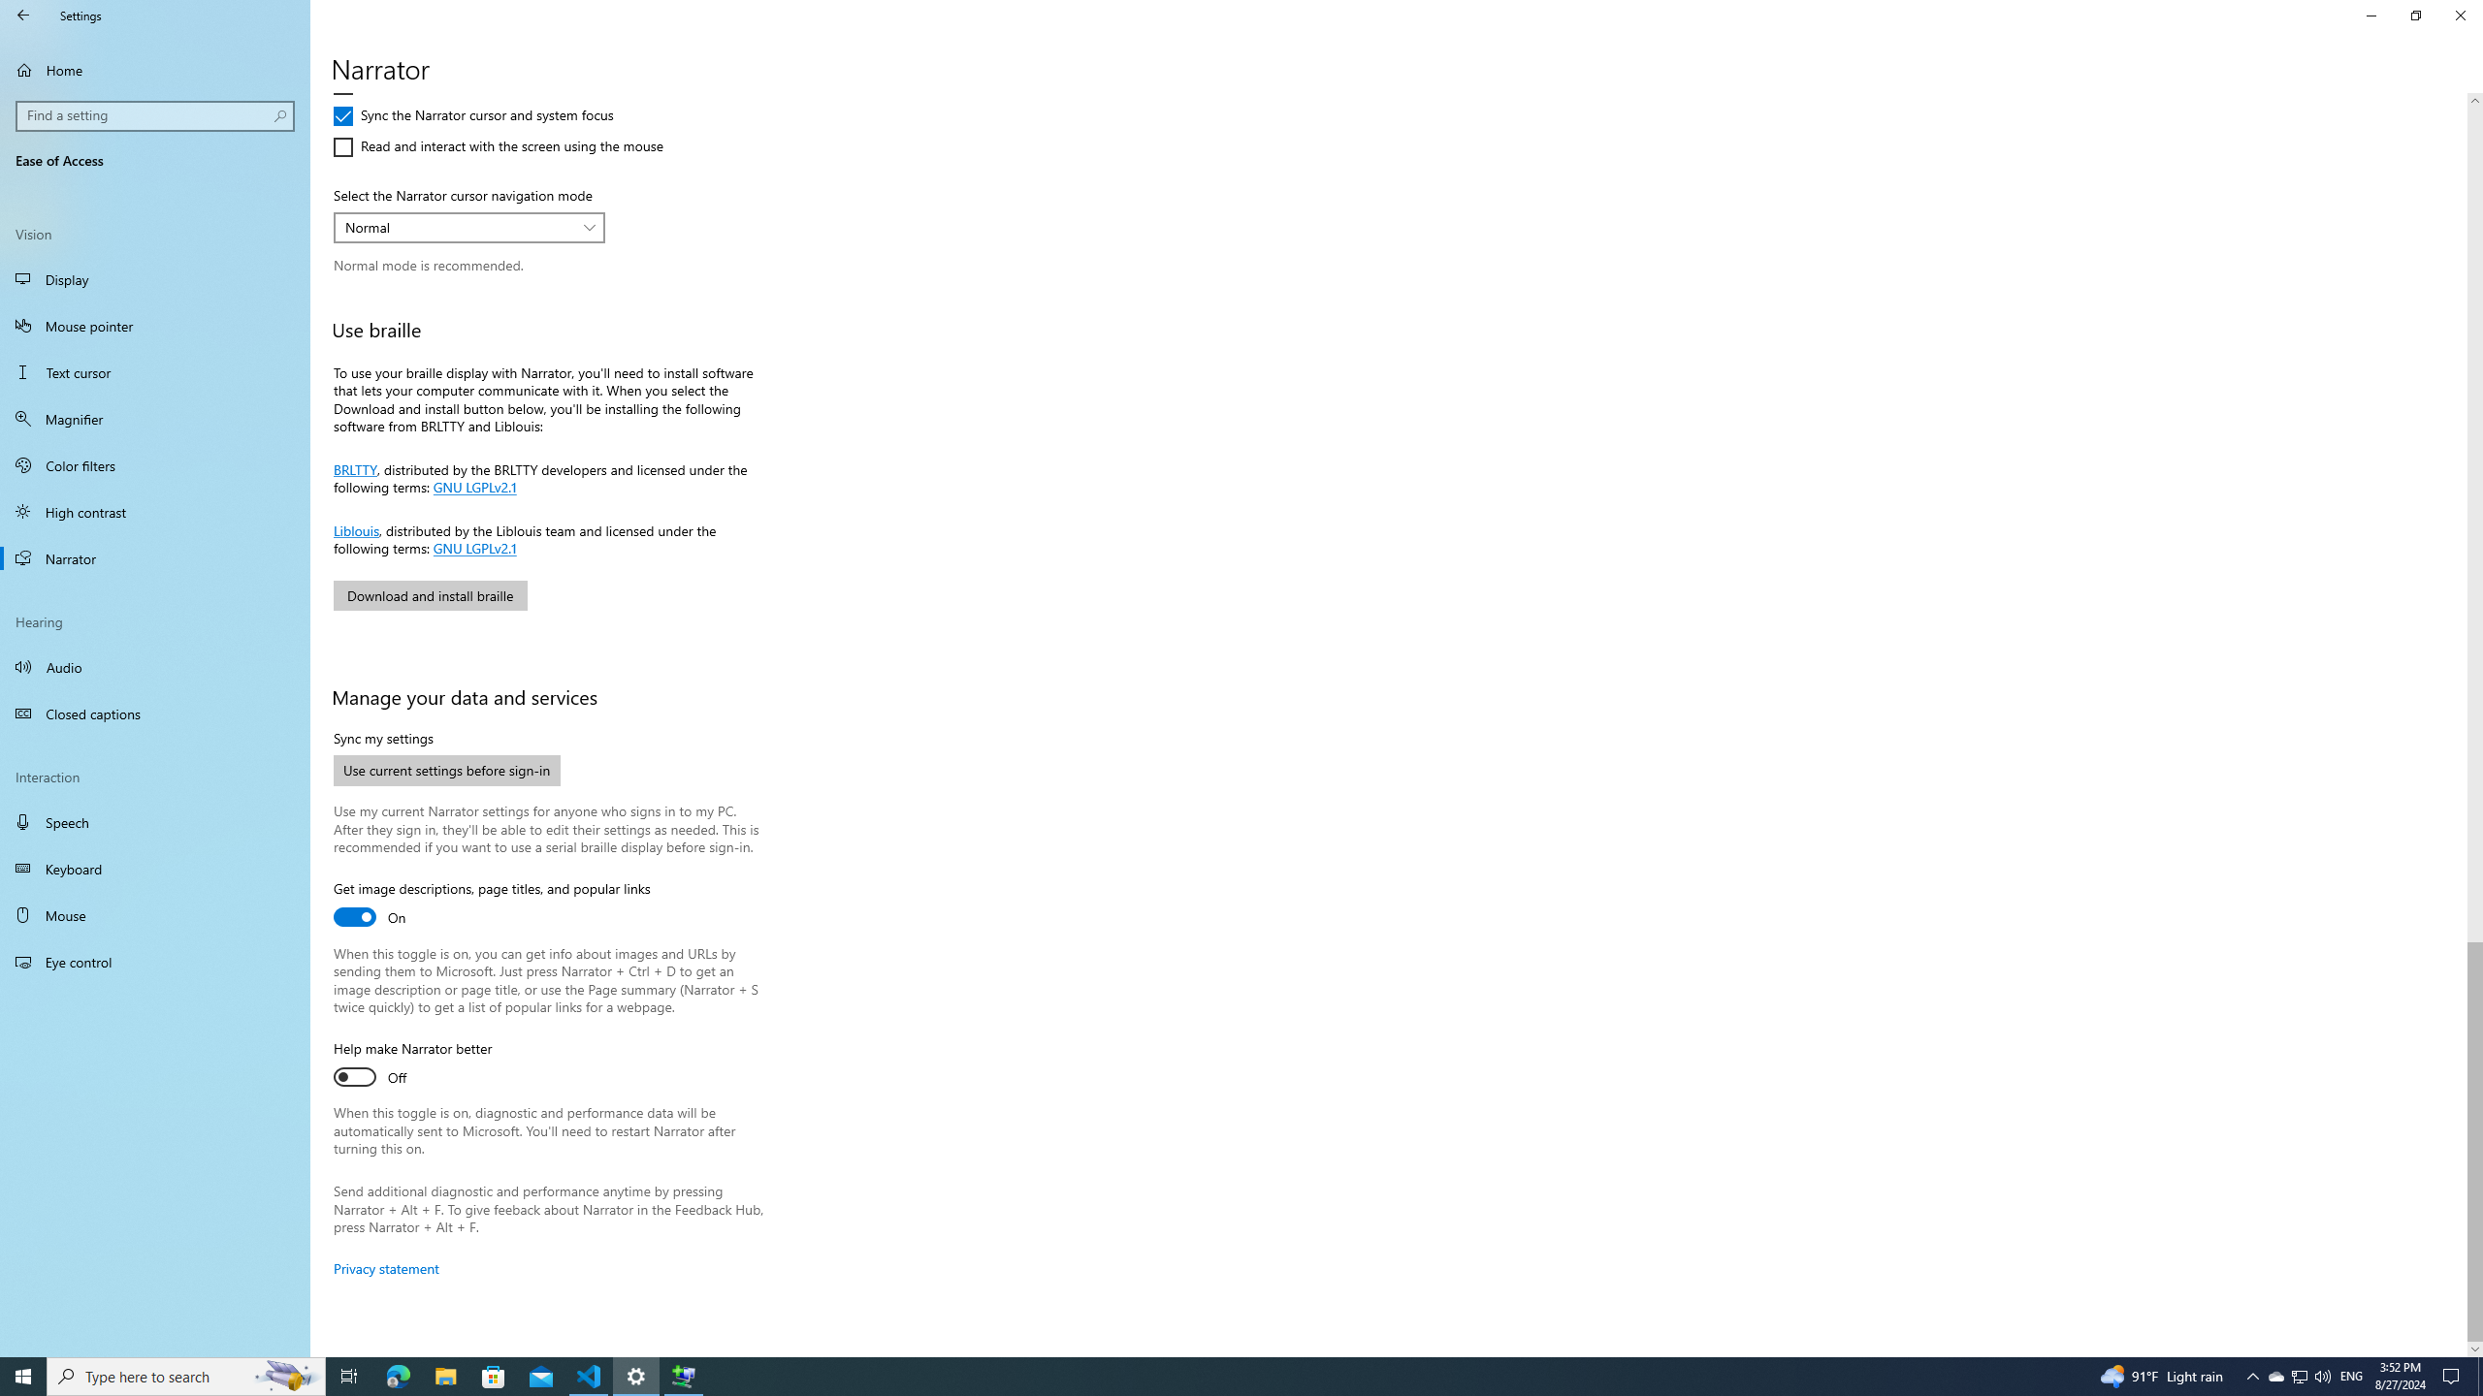 Image resolution: width=2483 pixels, height=1396 pixels. What do you see at coordinates (154, 370) in the screenshot?
I see `'Text cursor'` at bounding box center [154, 370].